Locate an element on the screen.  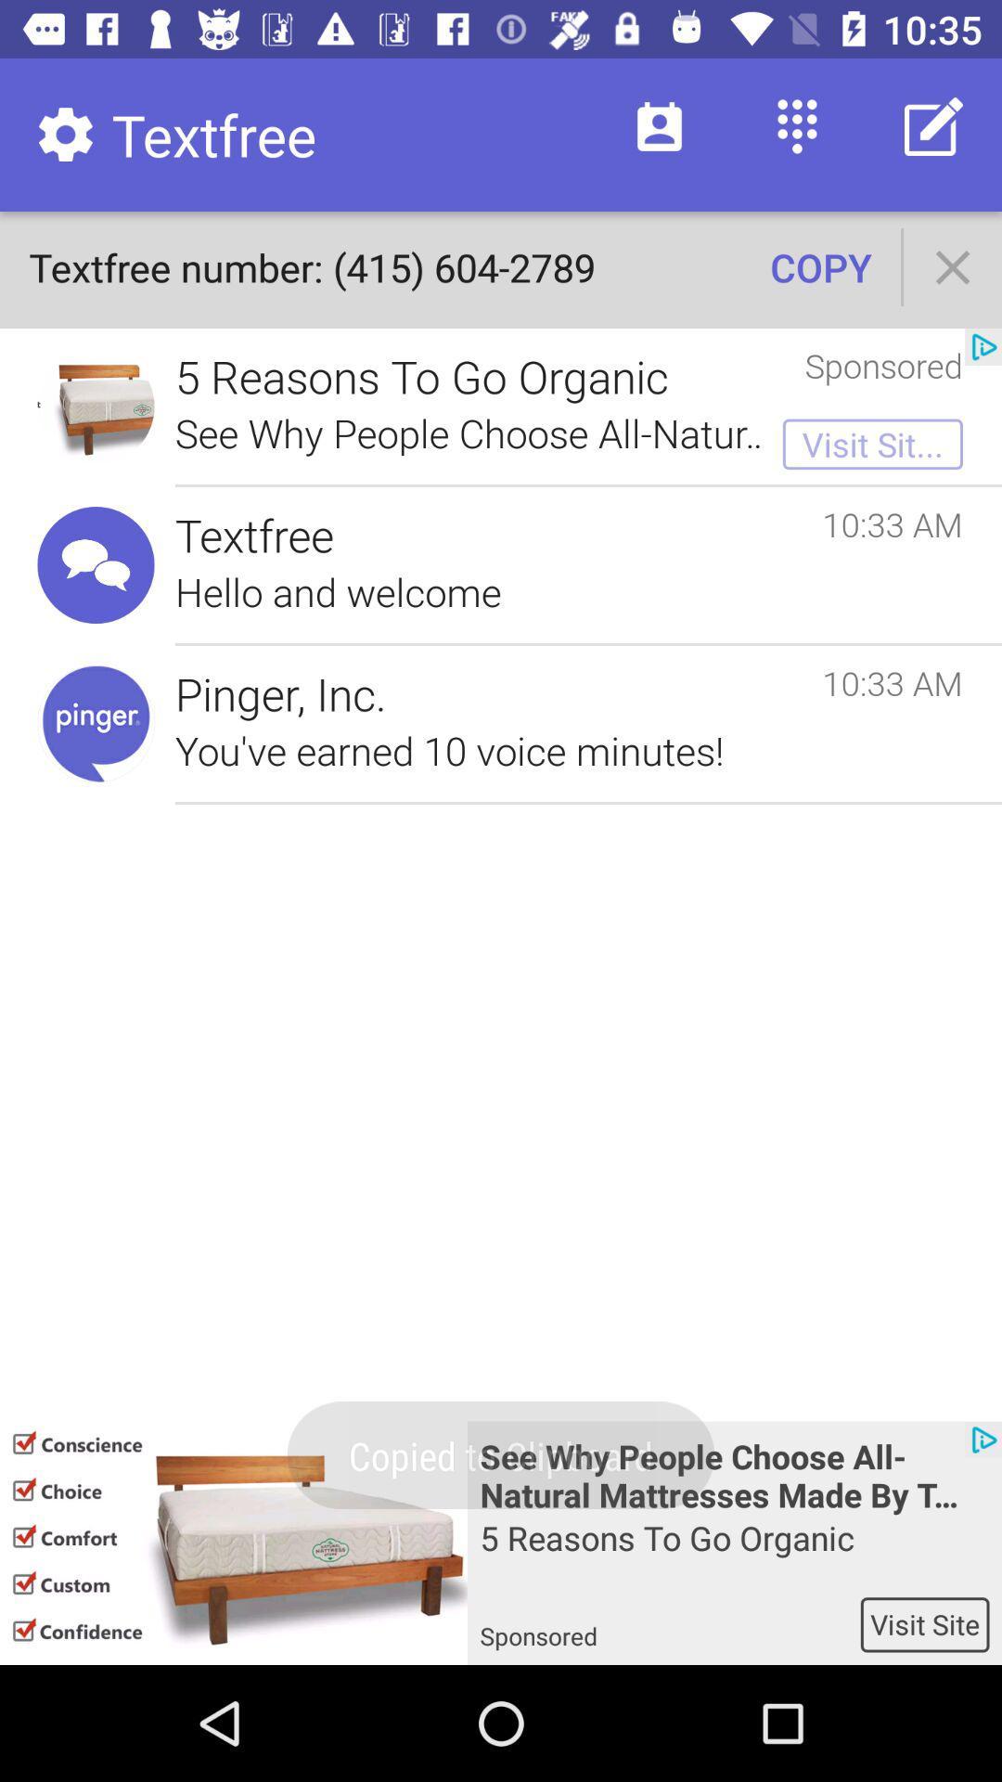
the text on the advertisement above the text sponsored on the web page is located at coordinates (734, 1556).